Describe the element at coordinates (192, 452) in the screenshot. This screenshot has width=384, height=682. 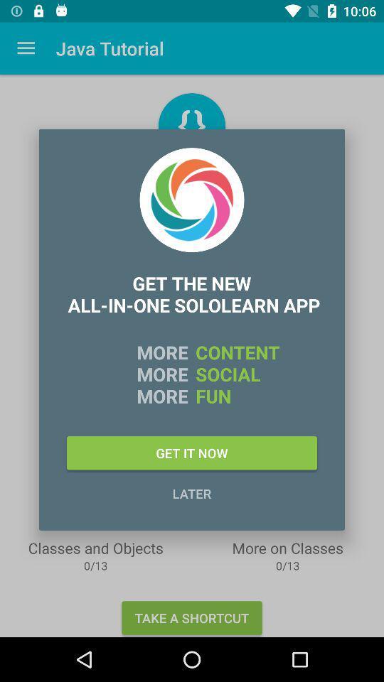
I see `the get it now icon` at that location.